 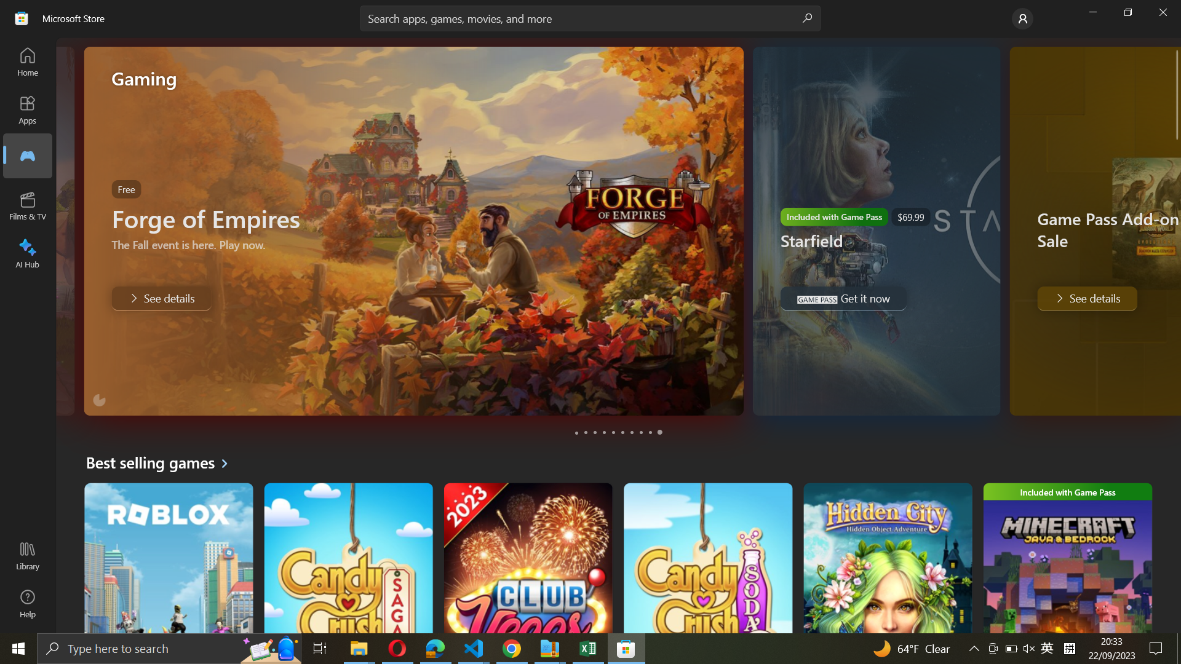 I want to click on the Account settings page, so click(x=1021, y=18).